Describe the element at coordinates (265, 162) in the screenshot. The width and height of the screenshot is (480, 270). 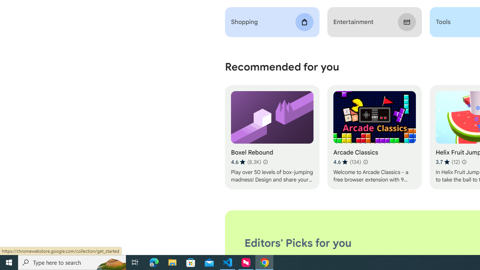
I see `'Learn more about results and reviews "Boxel Rebound"'` at that location.